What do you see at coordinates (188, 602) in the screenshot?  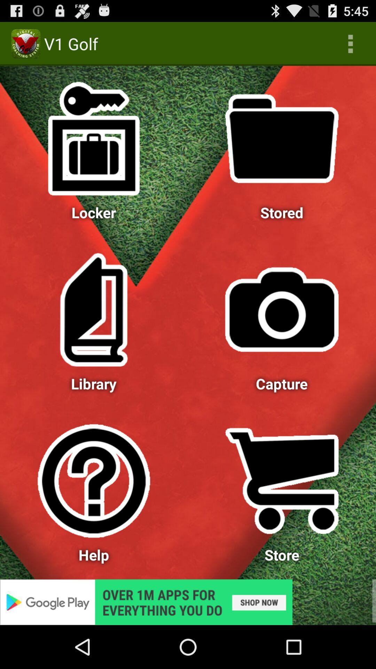 I see `the advertisements` at bounding box center [188, 602].